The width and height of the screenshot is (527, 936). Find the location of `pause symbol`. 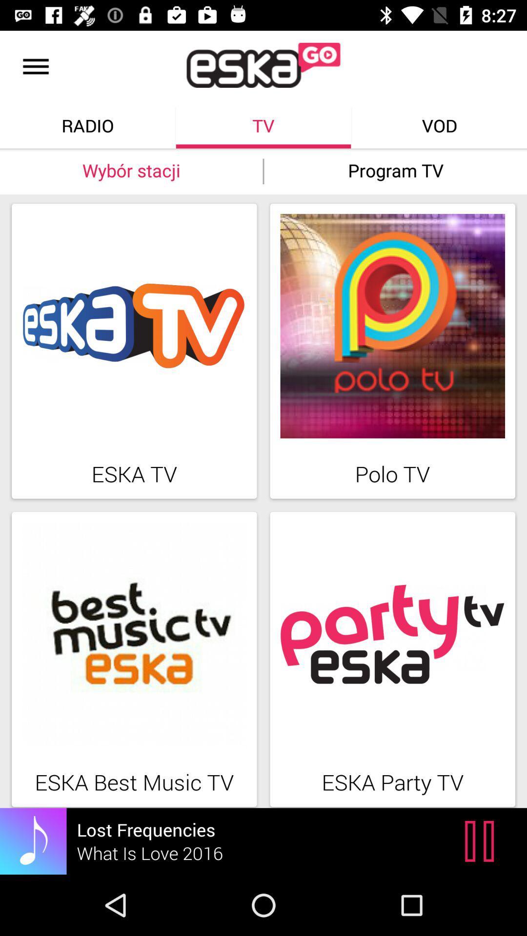

pause symbol is located at coordinates (481, 841).